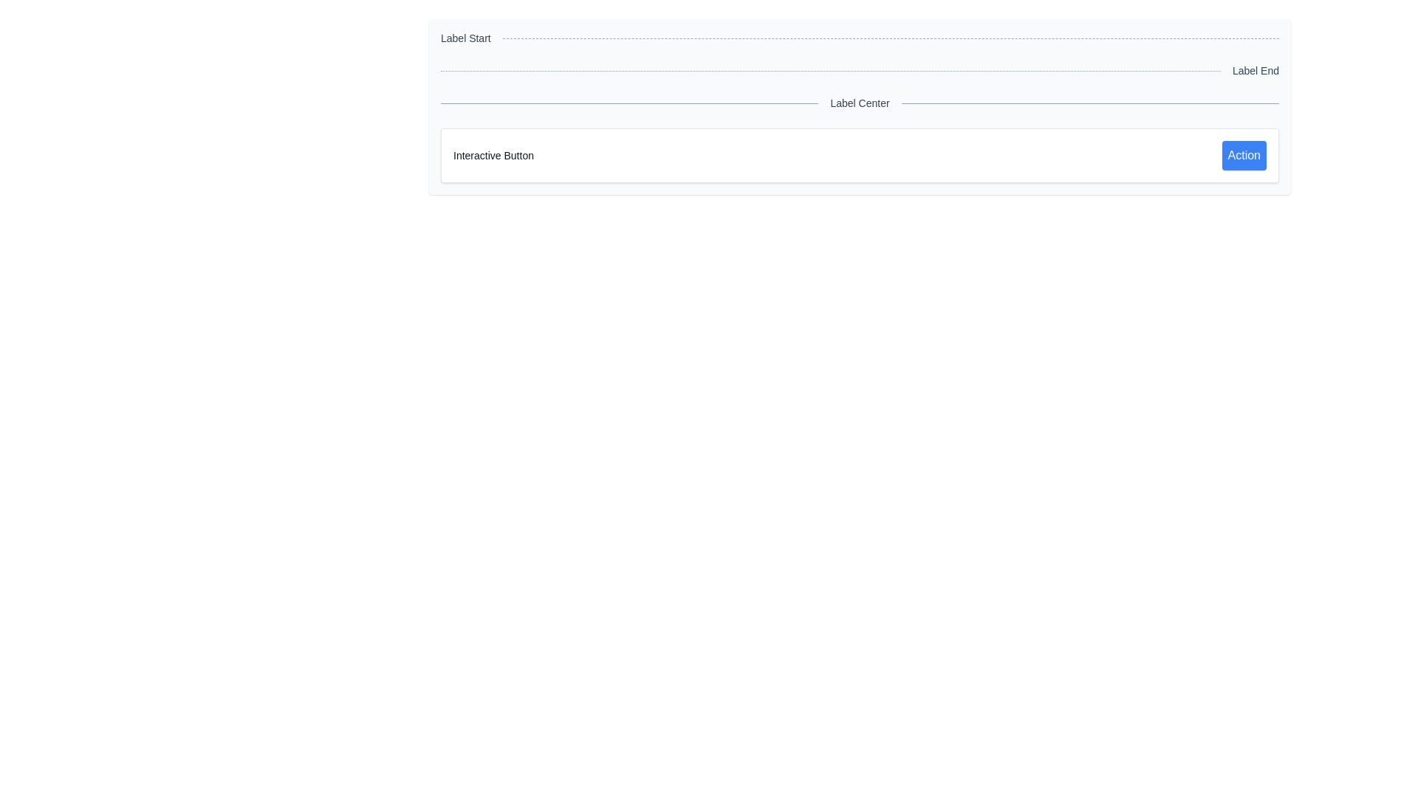 The width and height of the screenshot is (1418, 797). What do you see at coordinates (860, 71) in the screenshot?
I see `the Decorative labeled divider that features a gray dotted line with the text 'Label End' at its right end, positioned between 'Label Start' and 'Label Center'` at bounding box center [860, 71].